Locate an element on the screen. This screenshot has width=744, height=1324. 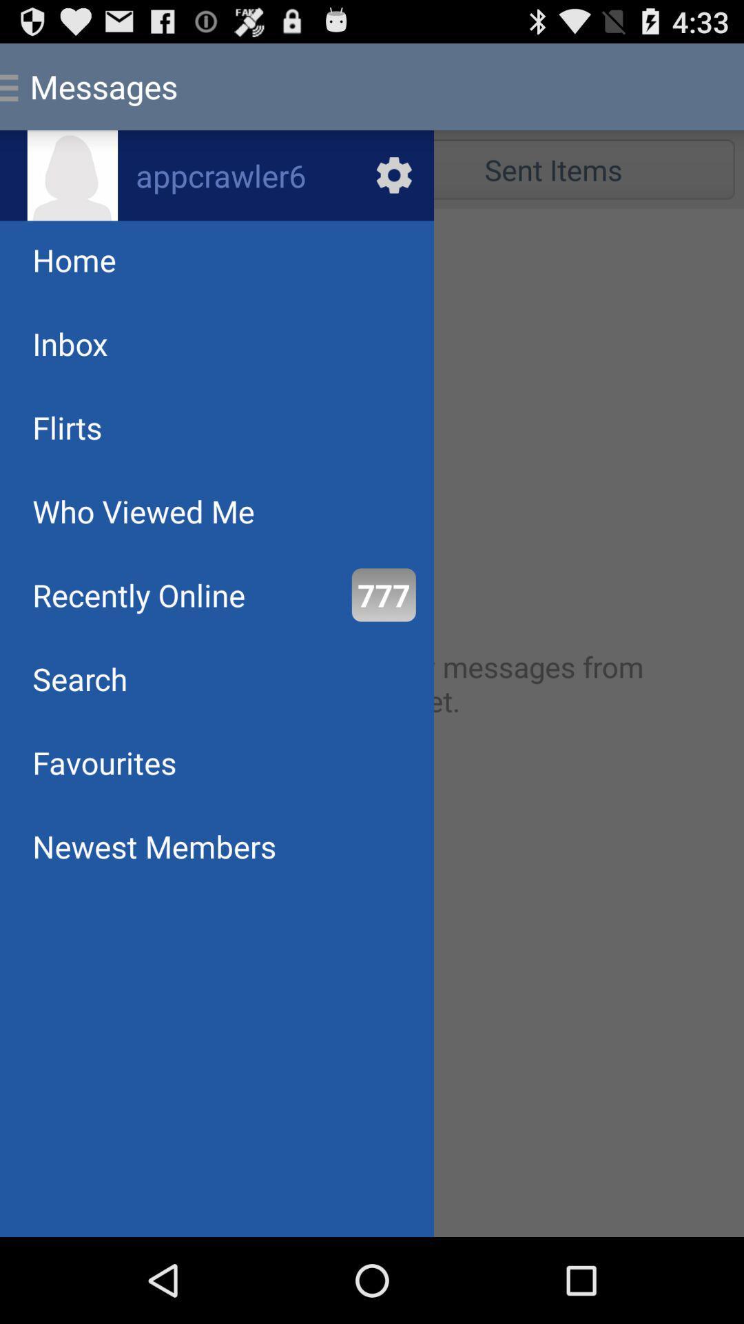
the icon  above the home is located at coordinates (72, 174).